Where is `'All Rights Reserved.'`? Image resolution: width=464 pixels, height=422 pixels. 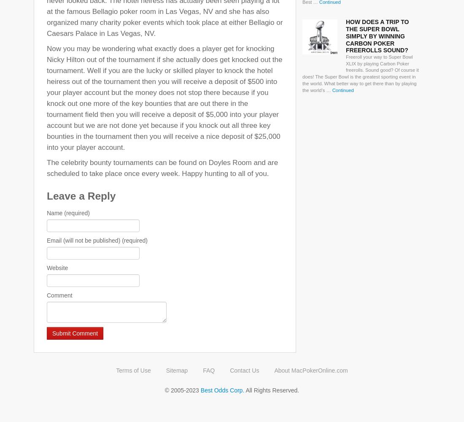 'All Rights Reserved.' is located at coordinates (244, 390).